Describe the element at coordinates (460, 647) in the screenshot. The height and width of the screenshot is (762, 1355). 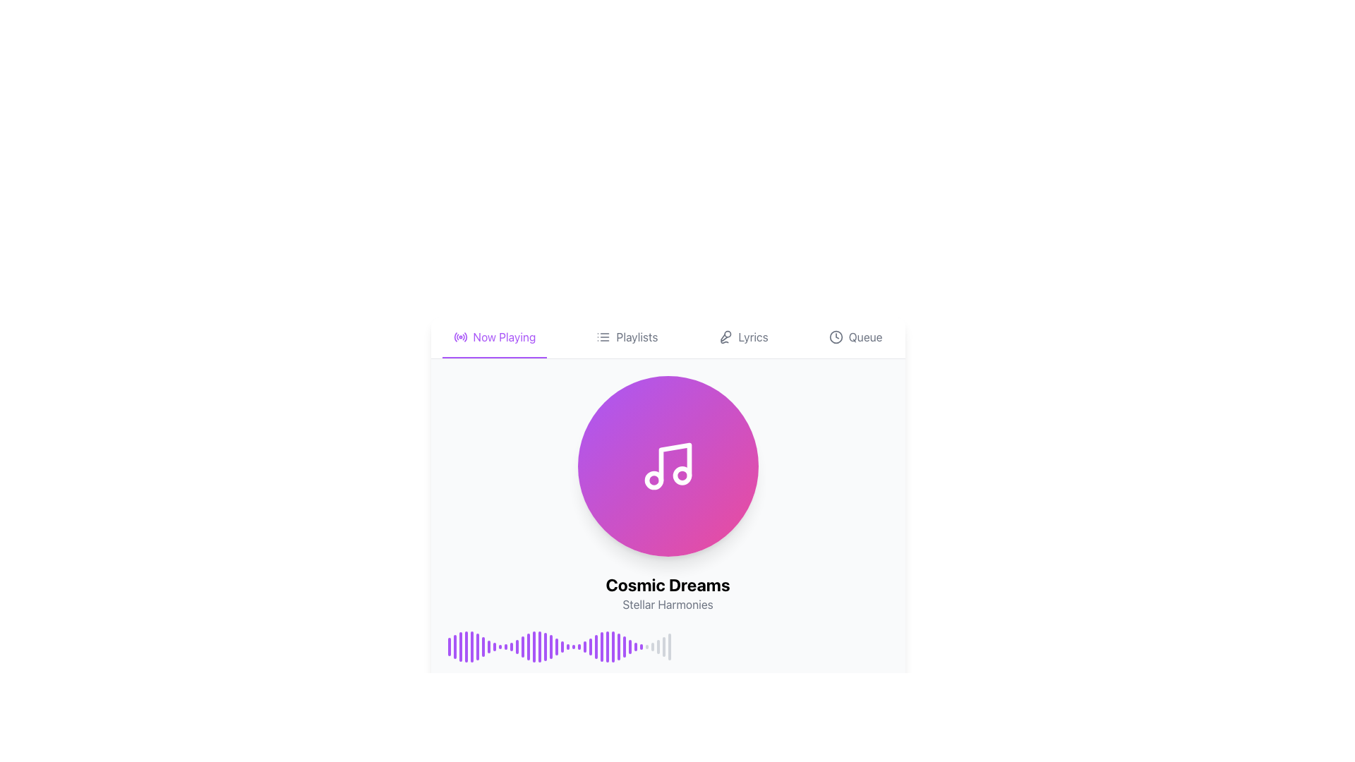
I see `the waveform segment, which is the third bar from the left in the audio waveform visualization` at that location.